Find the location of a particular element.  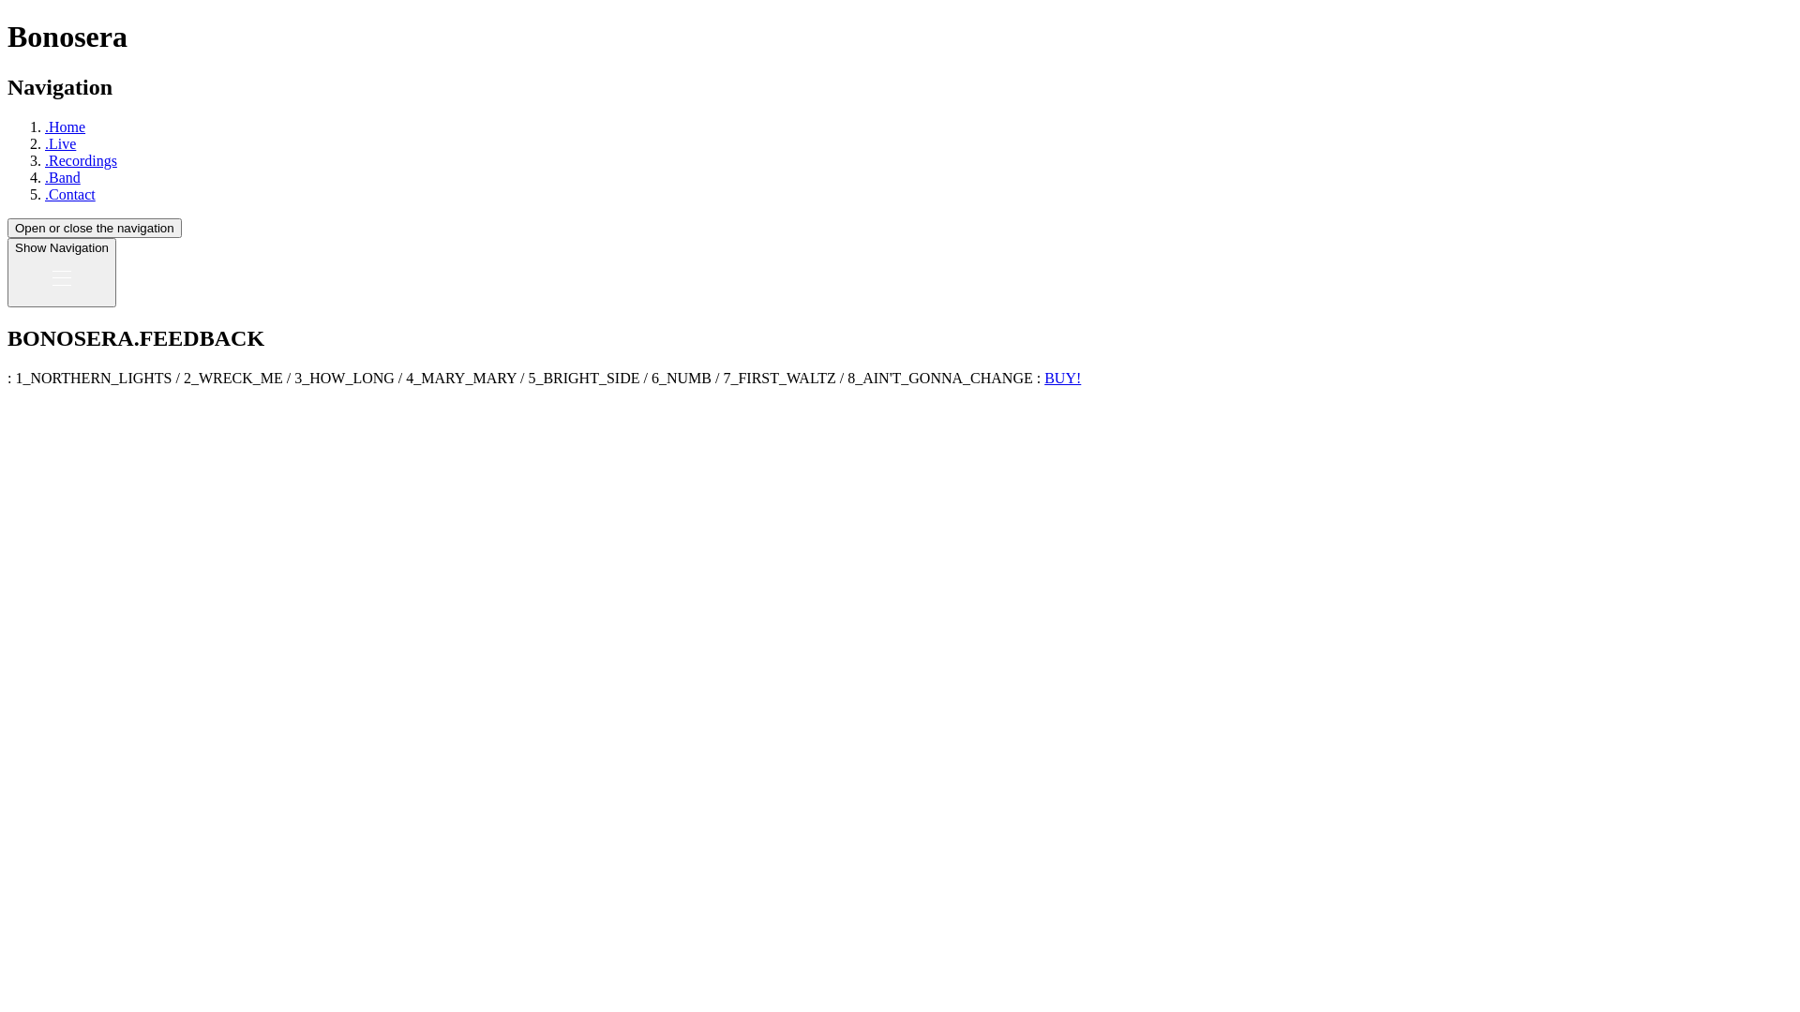

'.Recordings' is located at coordinates (80, 159).